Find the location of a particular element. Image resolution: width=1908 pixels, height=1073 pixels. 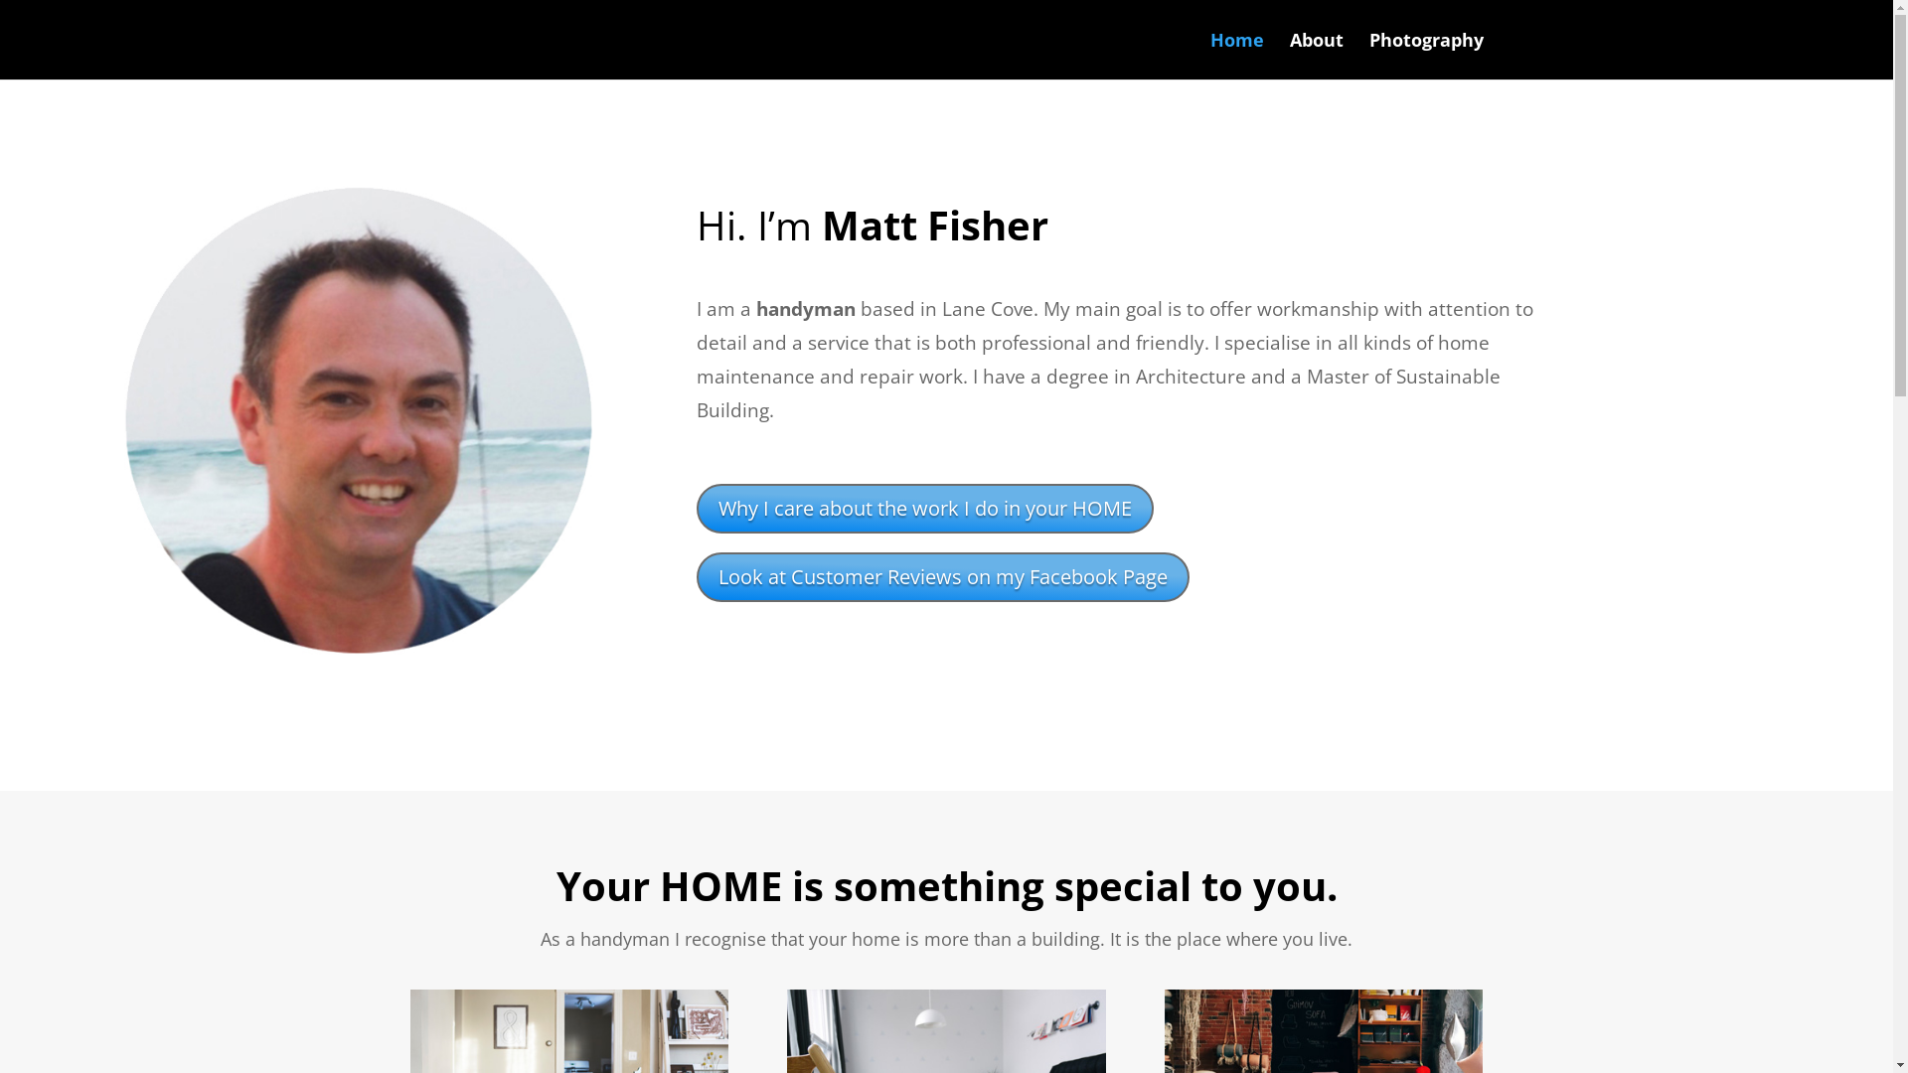

'Look at Customer Reviews on my Facebook Page' is located at coordinates (942, 577).